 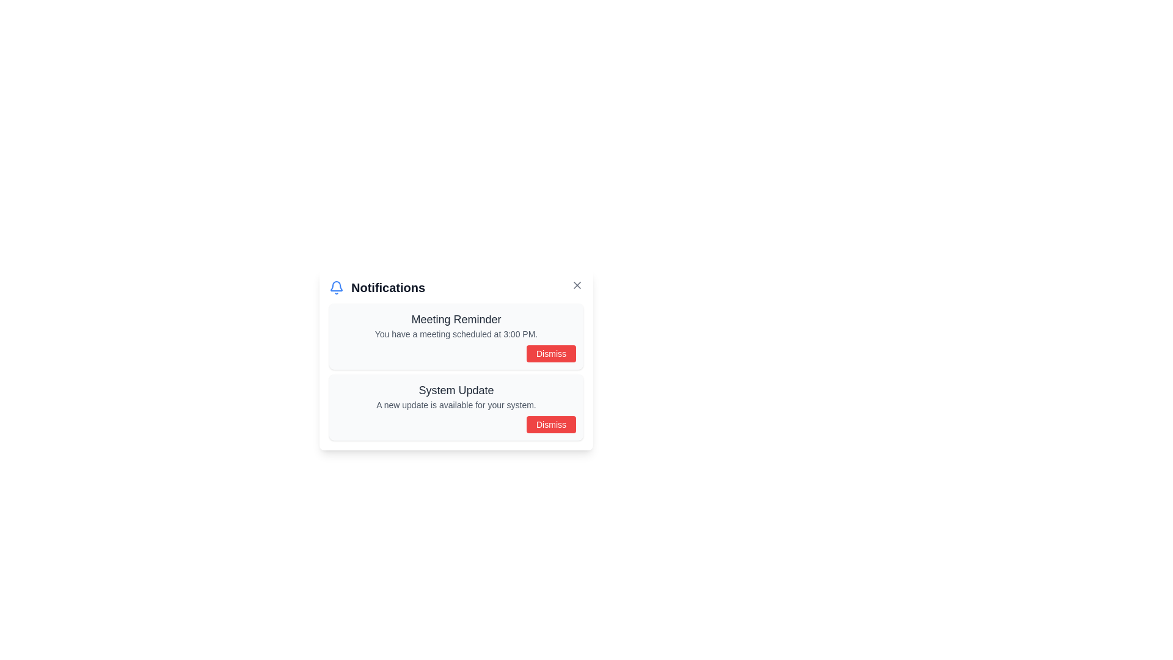 What do you see at coordinates (577, 285) in the screenshot?
I see `the decorative line segment that forms part of the close or dismiss icon for the notification popup, located in the top-right corner of the notification interface` at bounding box center [577, 285].